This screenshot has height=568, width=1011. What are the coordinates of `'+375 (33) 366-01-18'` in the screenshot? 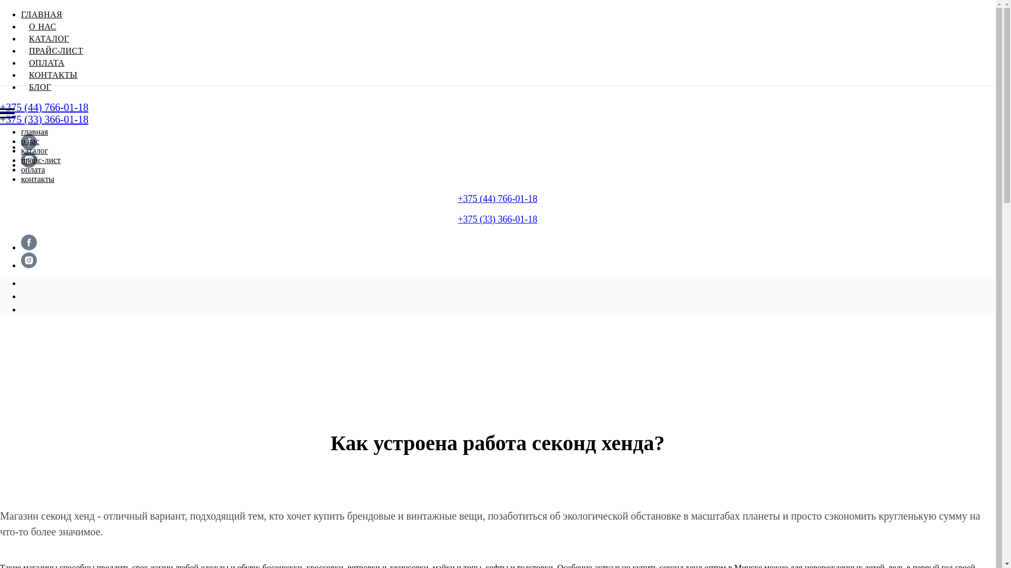 It's located at (497, 218).